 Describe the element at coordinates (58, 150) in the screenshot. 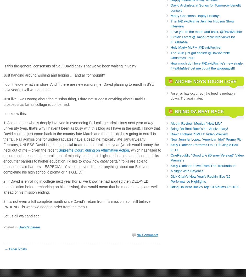

I see `'Supreme Court Ruling on Affirmative Action'` at that location.